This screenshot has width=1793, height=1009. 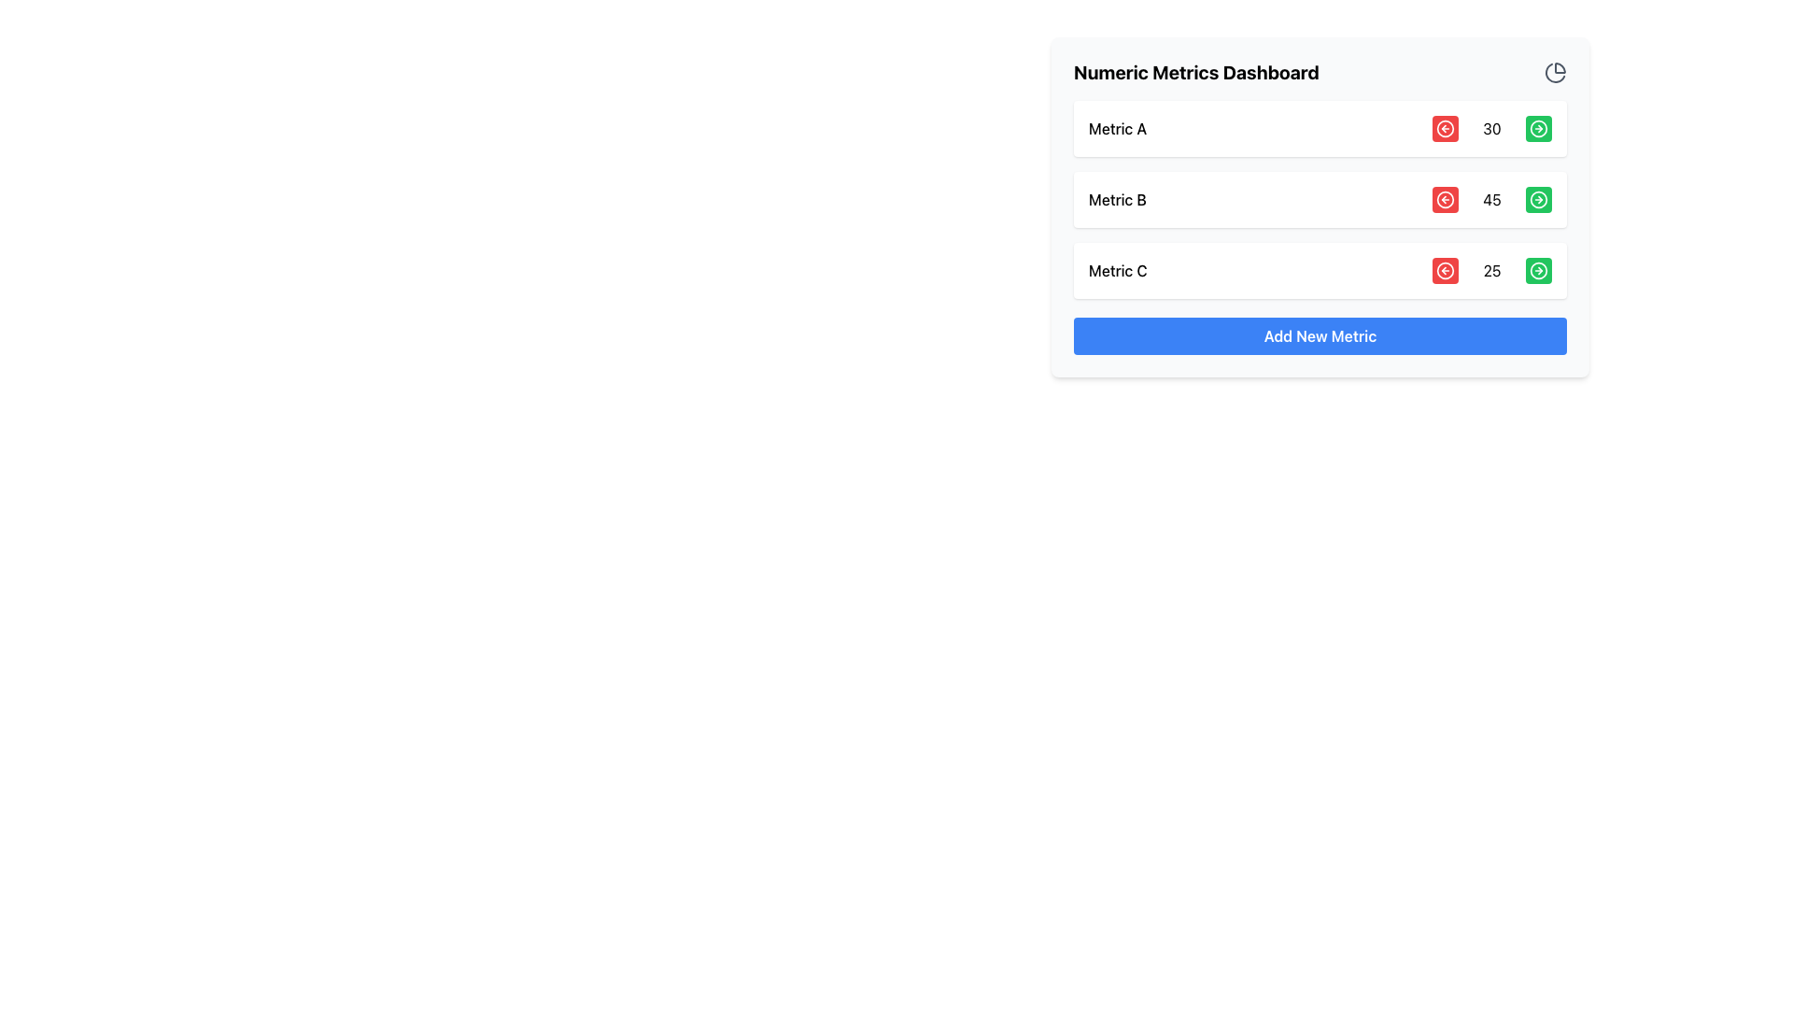 What do you see at coordinates (1491, 199) in the screenshot?
I see `central numeric value displayed as '45' in the Text Display located in the 'Metric B' row of the dashboard` at bounding box center [1491, 199].